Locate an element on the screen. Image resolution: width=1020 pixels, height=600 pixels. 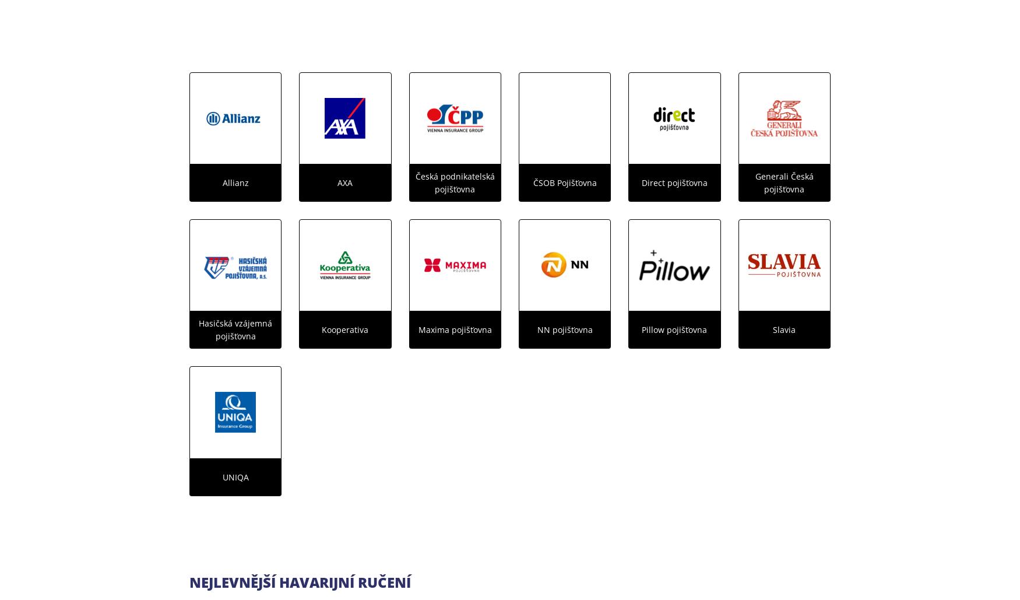
'Direct pojišťovna' is located at coordinates (673, 183).